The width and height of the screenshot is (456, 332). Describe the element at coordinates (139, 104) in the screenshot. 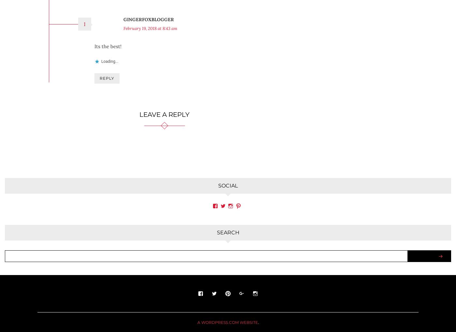

I see `'Leave a Reply'` at that location.